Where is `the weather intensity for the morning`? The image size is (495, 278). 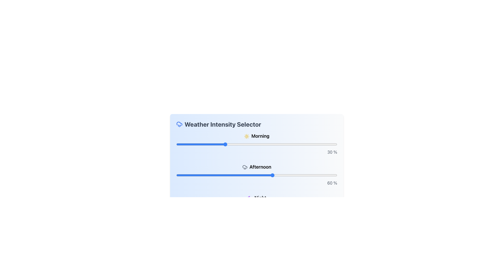 the weather intensity for the morning is located at coordinates (186, 144).